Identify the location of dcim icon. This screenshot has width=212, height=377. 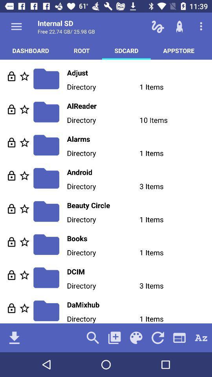
(139, 271).